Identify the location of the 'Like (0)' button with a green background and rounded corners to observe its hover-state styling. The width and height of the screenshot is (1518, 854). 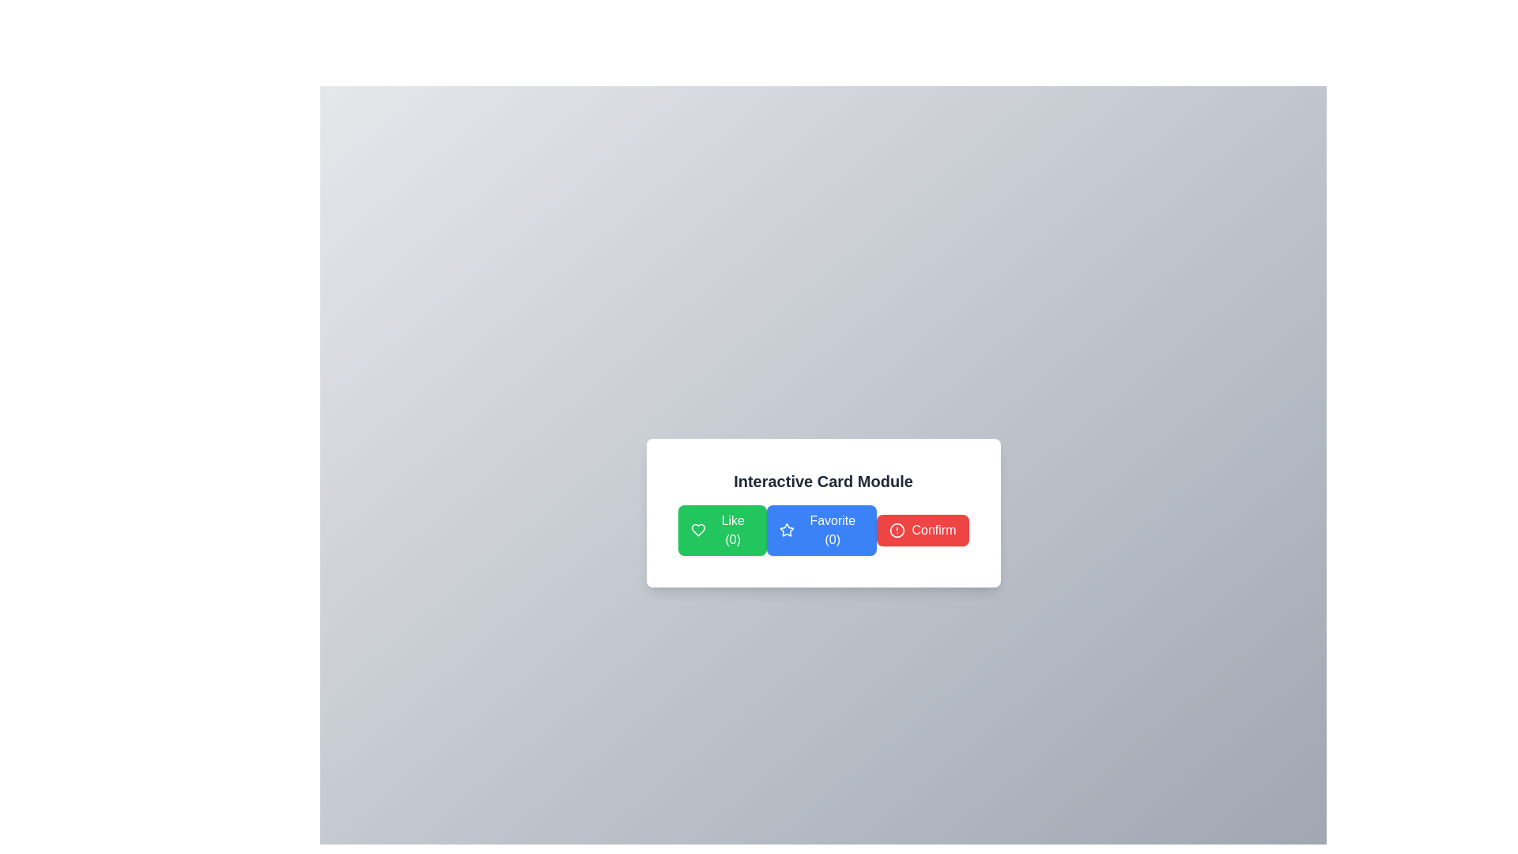
(732, 531).